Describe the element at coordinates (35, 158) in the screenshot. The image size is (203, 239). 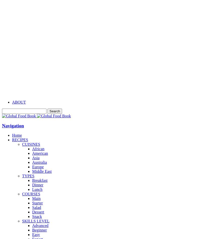
I see `'Asia'` at that location.